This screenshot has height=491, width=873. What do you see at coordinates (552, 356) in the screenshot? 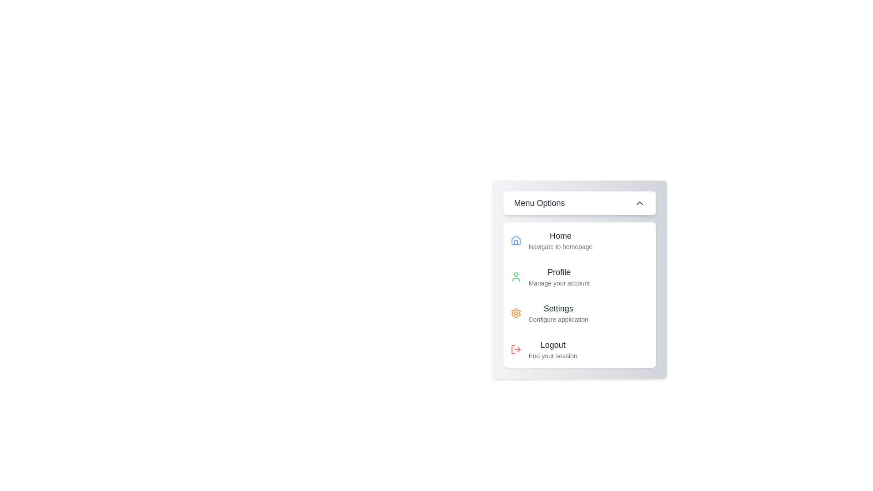
I see `the text label displaying 'End your session', which is located below the 'Logout' text in the lower right portion of the Menu Options section` at bounding box center [552, 356].